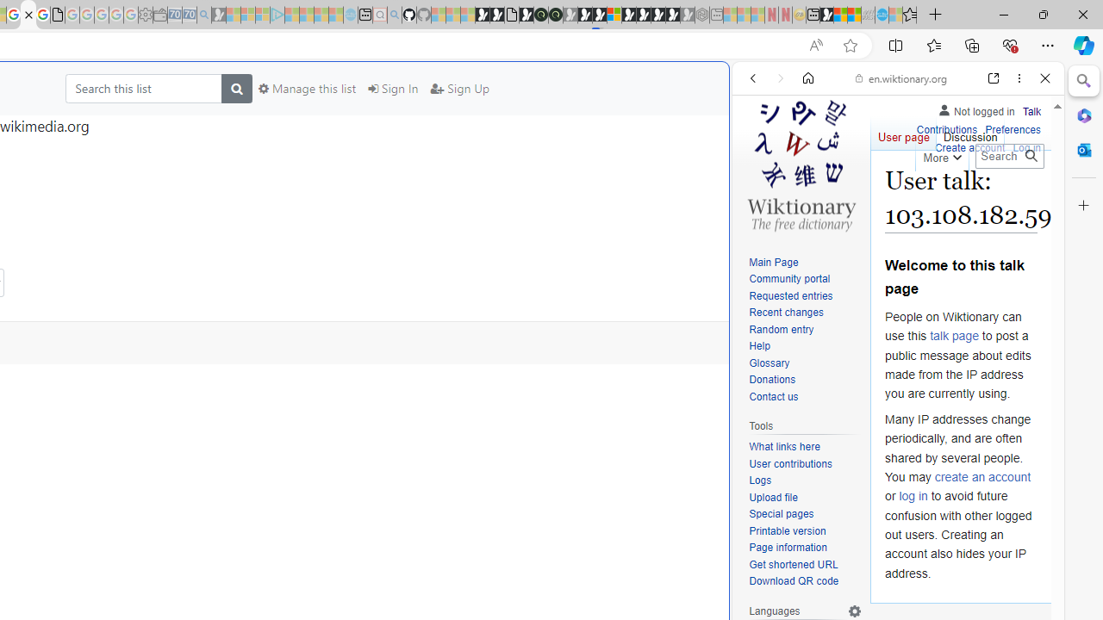 Image resolution: width=1103 pixels, height=620 pixels. I want to click on 'Requested entries', so click(789, 294).